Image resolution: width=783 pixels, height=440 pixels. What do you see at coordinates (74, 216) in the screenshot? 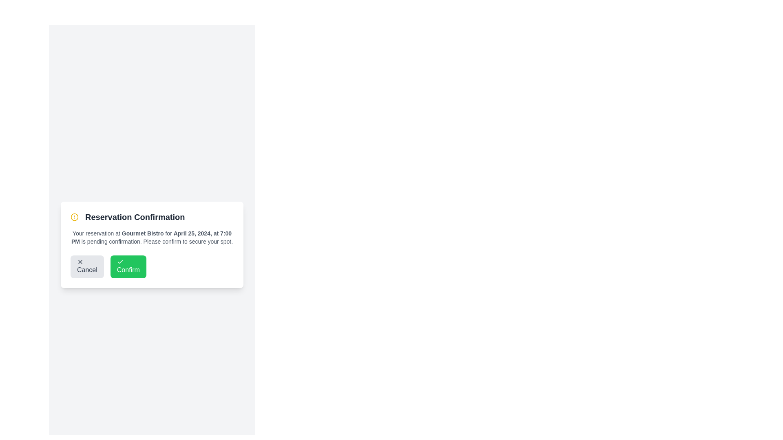
I see `the outer border of the graphical alert icon, which is a circular component indicating a warning, located towards the top-left corner of the dialogue box next to the title 'Reservation Confirmation'` at bounding box center [74, 216].